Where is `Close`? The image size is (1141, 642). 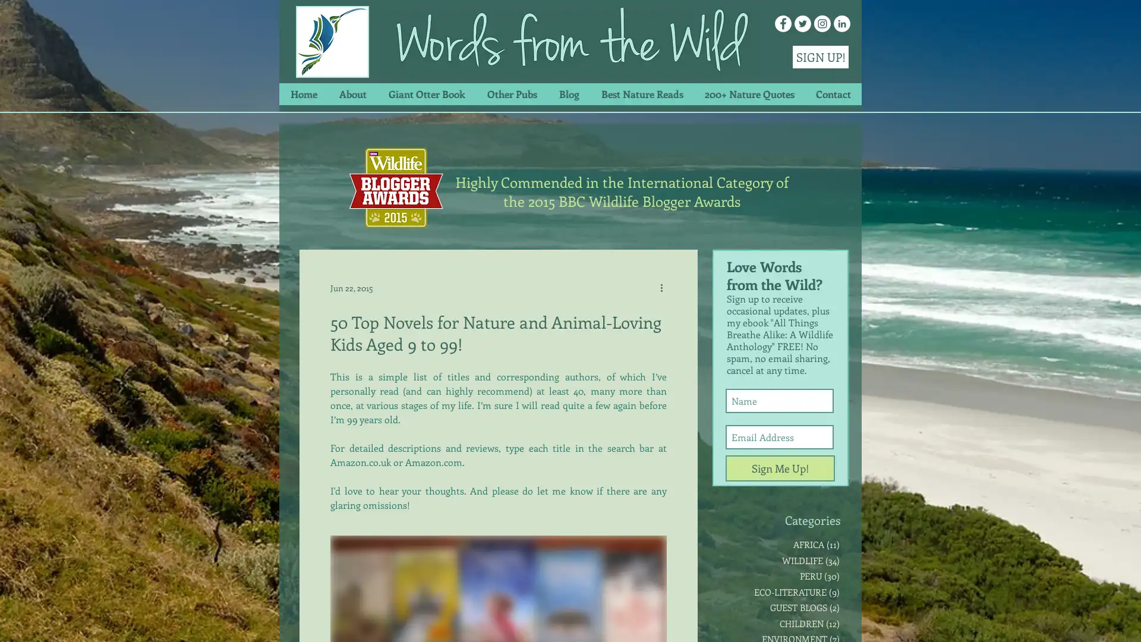
Close is located at coordinates (1126, 621).